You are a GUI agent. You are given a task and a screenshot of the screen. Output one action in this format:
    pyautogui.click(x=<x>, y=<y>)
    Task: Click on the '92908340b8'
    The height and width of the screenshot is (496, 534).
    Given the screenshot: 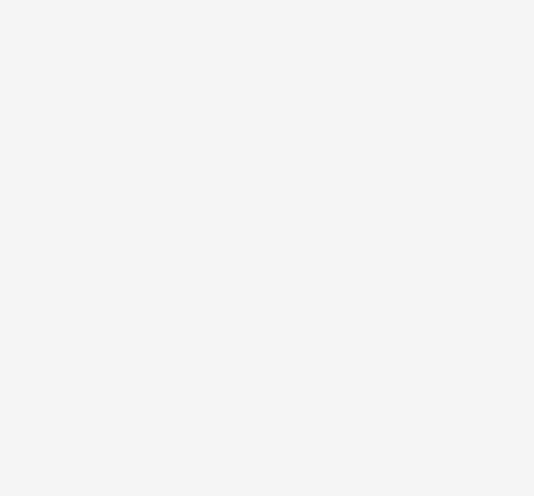 What is the action you would take?
    pyautogui.click(x=113, y=352)
    